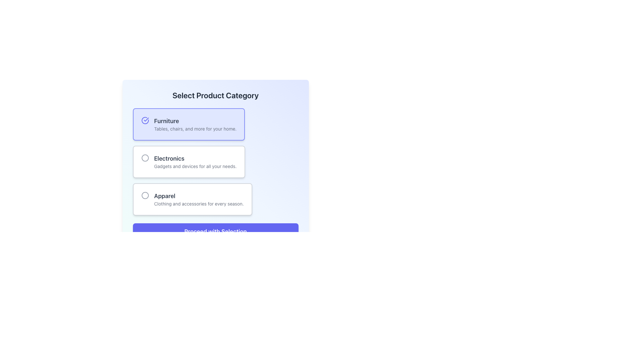 This screenshot has width=621, height=349. What do you see at coordinates (145, 195) in the screenshot?
I see `the circular outline of the radio button located under the 'Apparel' section of the UI, which is styled as a gray circle with no fill` at bounding box center [145, 195].